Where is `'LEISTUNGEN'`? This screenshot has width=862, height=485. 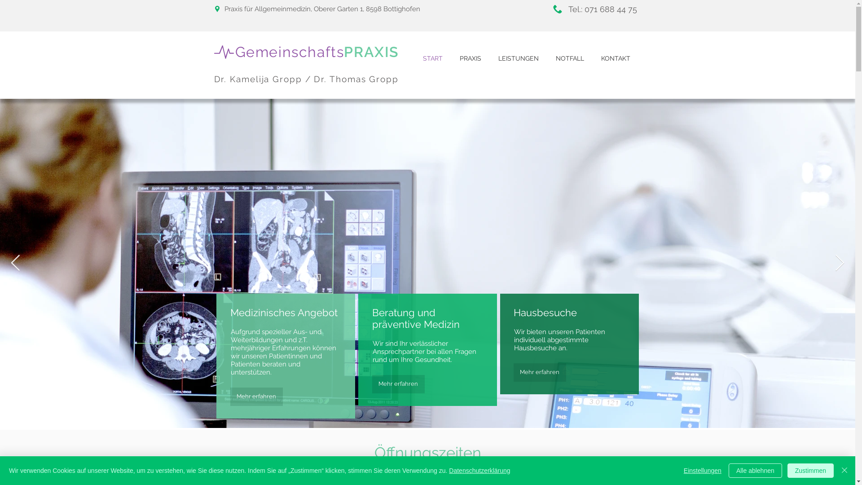 'LEISTUNGEN' is located at coordinates (518, 58).